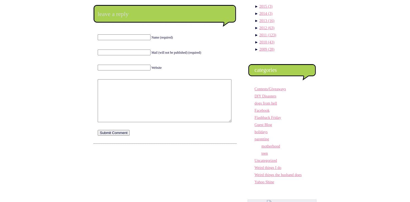 This screenshot has width=410, height=202. I want to click on '(43)', so click(271, 42).